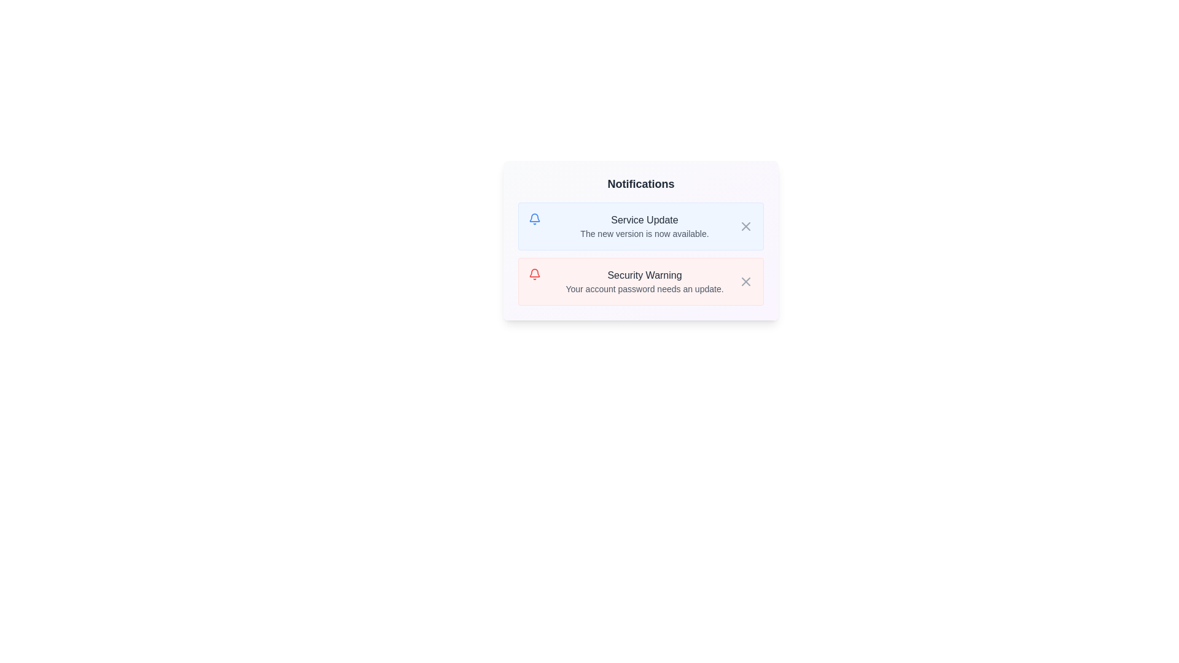 The width and height of the screenshot is (1179, 663). Describe the element at coordinates (640, 227) in the screenshot. I see `the 'Service Update' notification card, which is the top item in the list of notifications under the 'Notifications' header` at that location.